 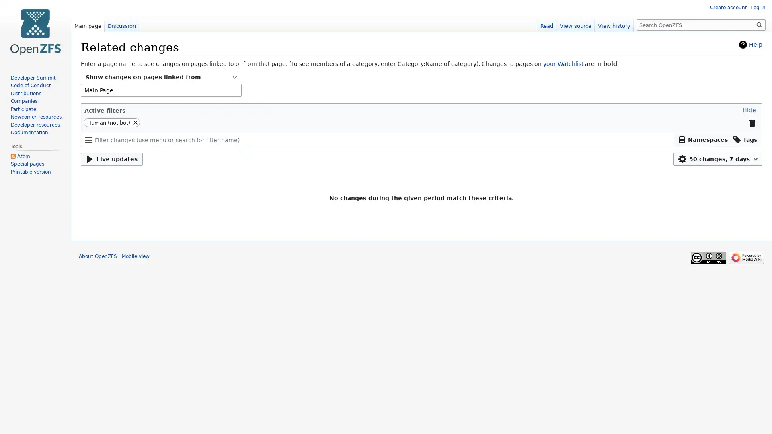 I want to click on 50 changes, 7 days, so click(x=718, y=159).